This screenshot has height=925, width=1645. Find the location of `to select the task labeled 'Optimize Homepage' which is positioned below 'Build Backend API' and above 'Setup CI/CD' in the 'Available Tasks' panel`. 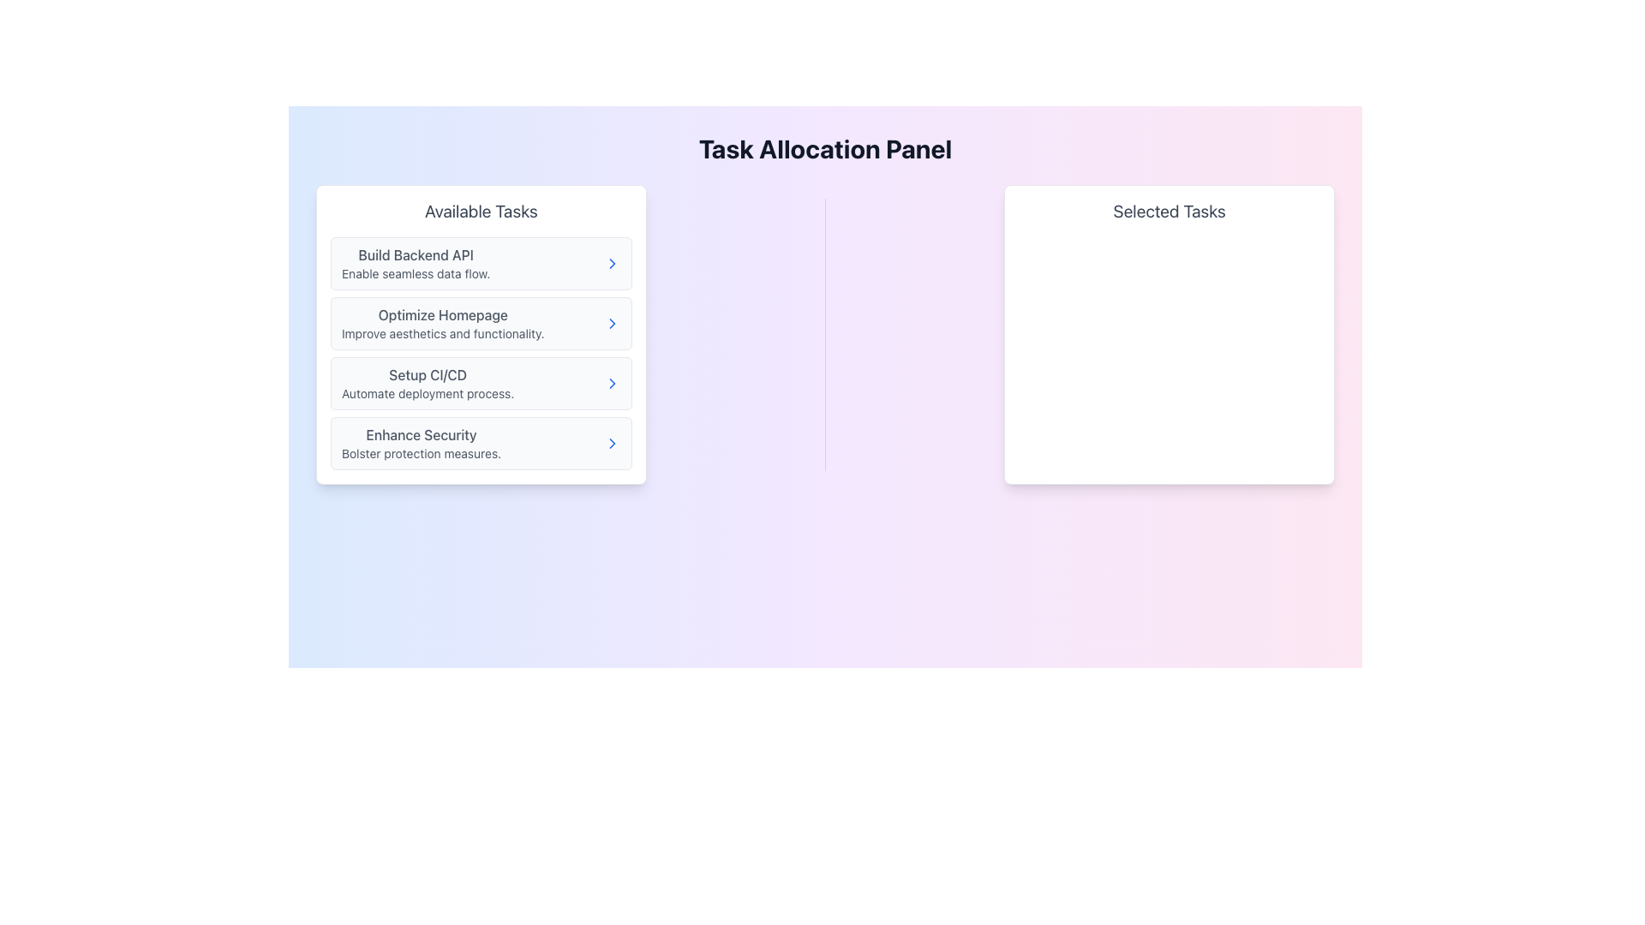

to select the task labeled 'Optimize Homepage' which is positioned below 'Build Backend API' and above 'Setup CI/CD' in the 'Available Tasks' panel is located at coordinates (443, 324).